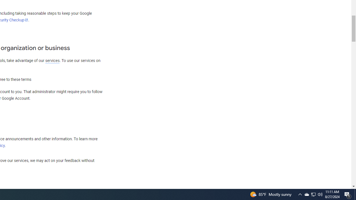  I want to click on 'services', so click(52, 61).